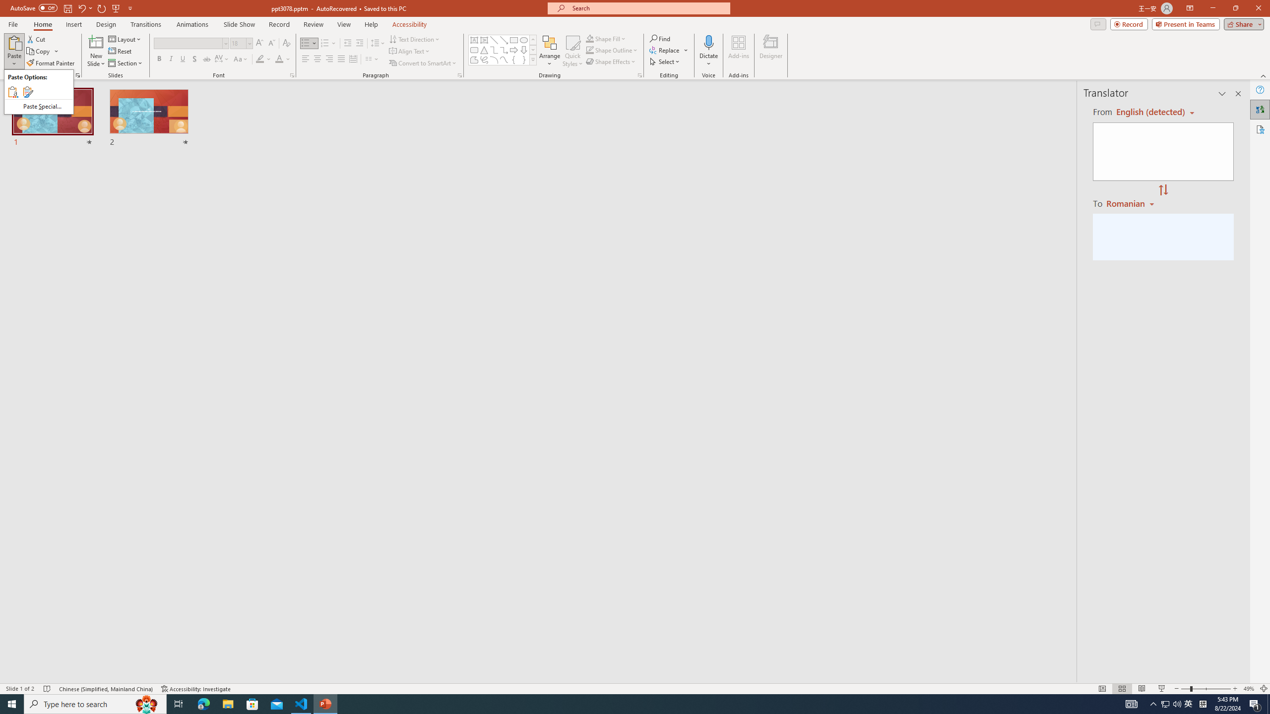 This screenshot has height=714, width=1270. Describe the element at coordinates (120, 51) in the screenshot. I see `'Reset'` at that location.